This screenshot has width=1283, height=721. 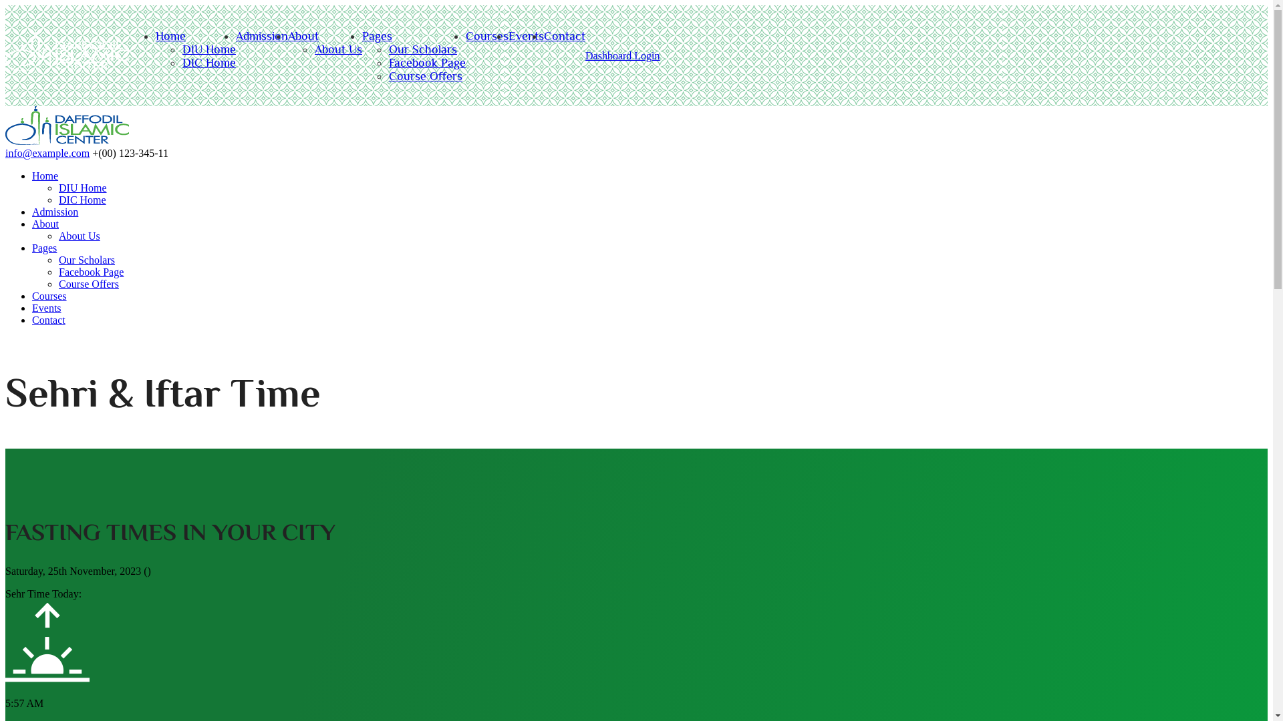 What do you see at coordinates (66, 141) in the screenshot?
I see `'Home'` at bounding box center [66, 141].